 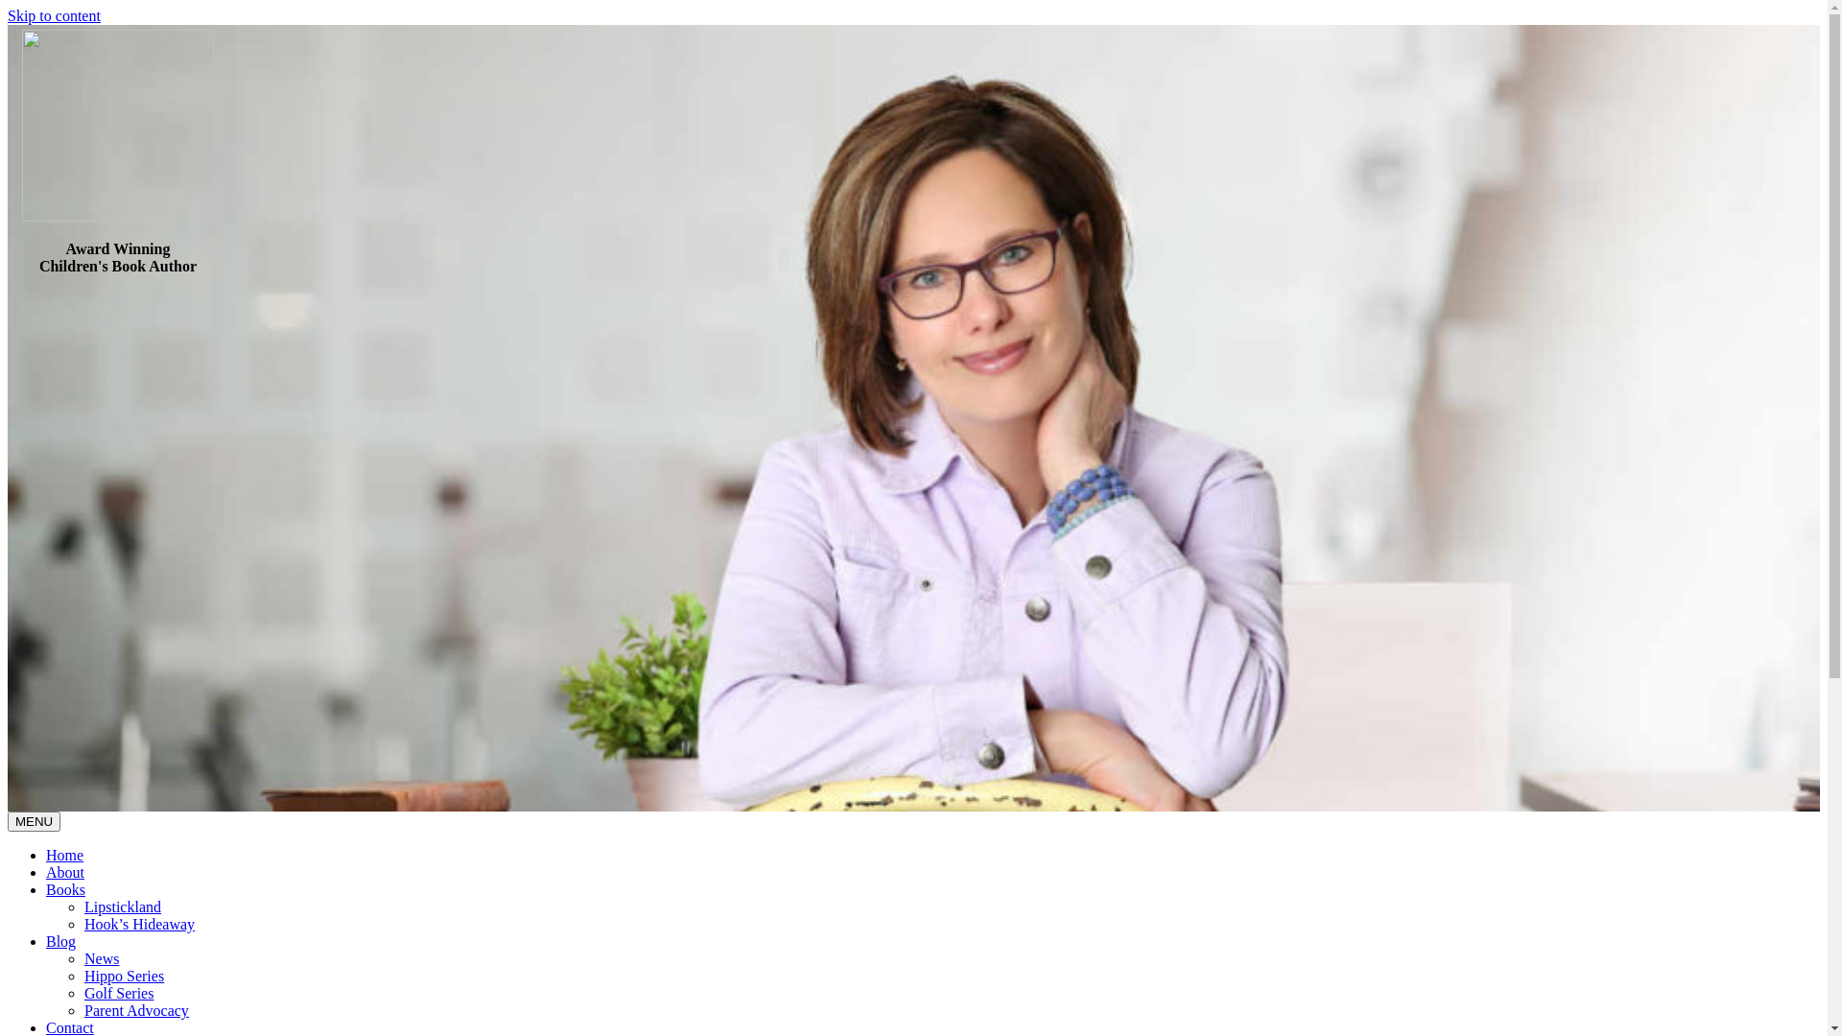 What do you see at coordinates (118, 993) in the screenshot?
I see `'Golf Series'` at bounding box center [118, 993].